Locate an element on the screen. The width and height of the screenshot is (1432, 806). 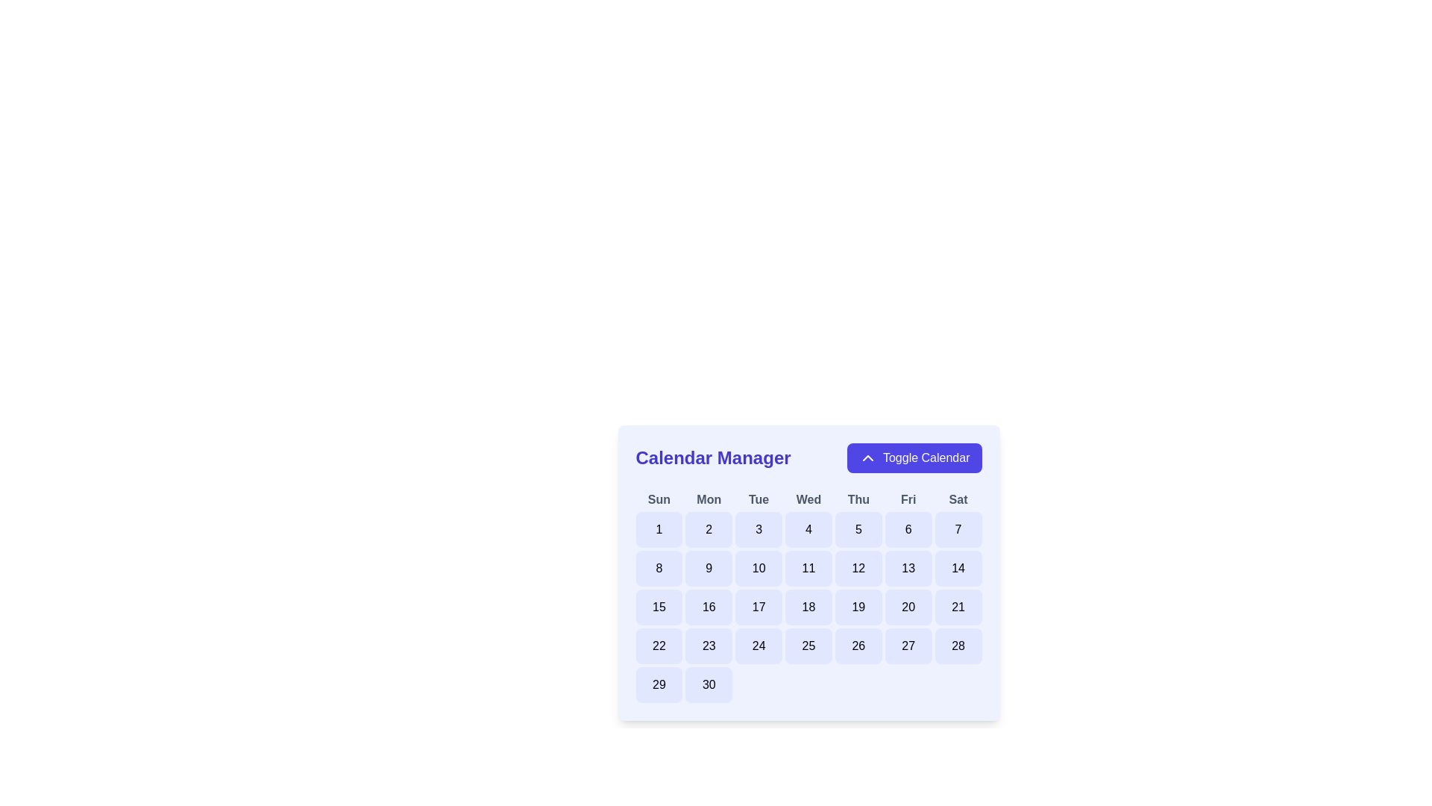
the calendar day block with the number '18', which is styled with a light indigo background and located in the sixth column and third row of the calendar grid is located at coordinates (808, 607).